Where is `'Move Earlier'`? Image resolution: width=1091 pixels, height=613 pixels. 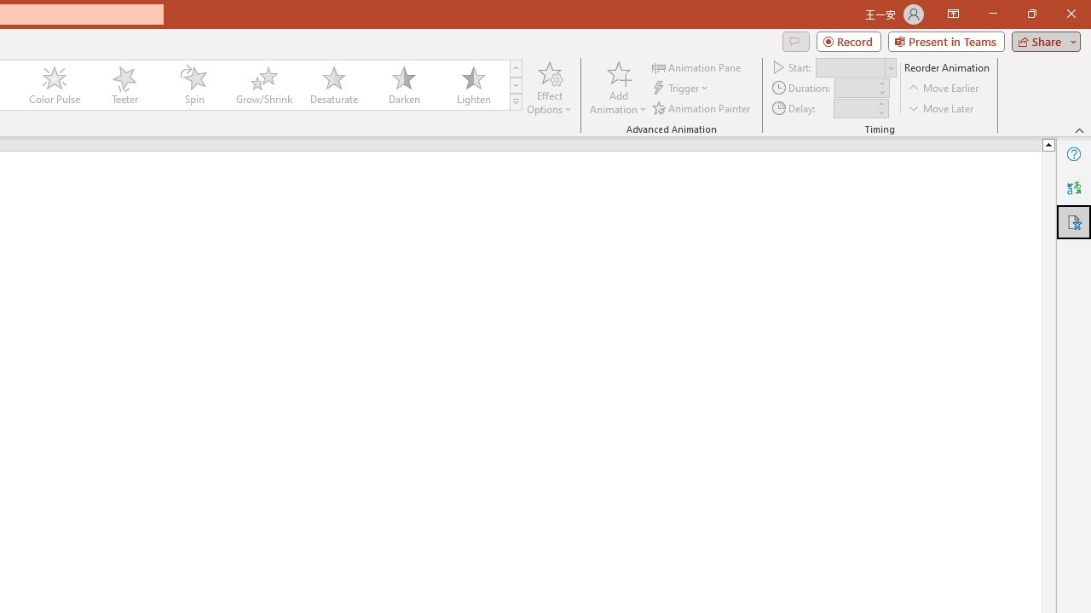 'Move Earlier' is located at coordinates (943, 88).